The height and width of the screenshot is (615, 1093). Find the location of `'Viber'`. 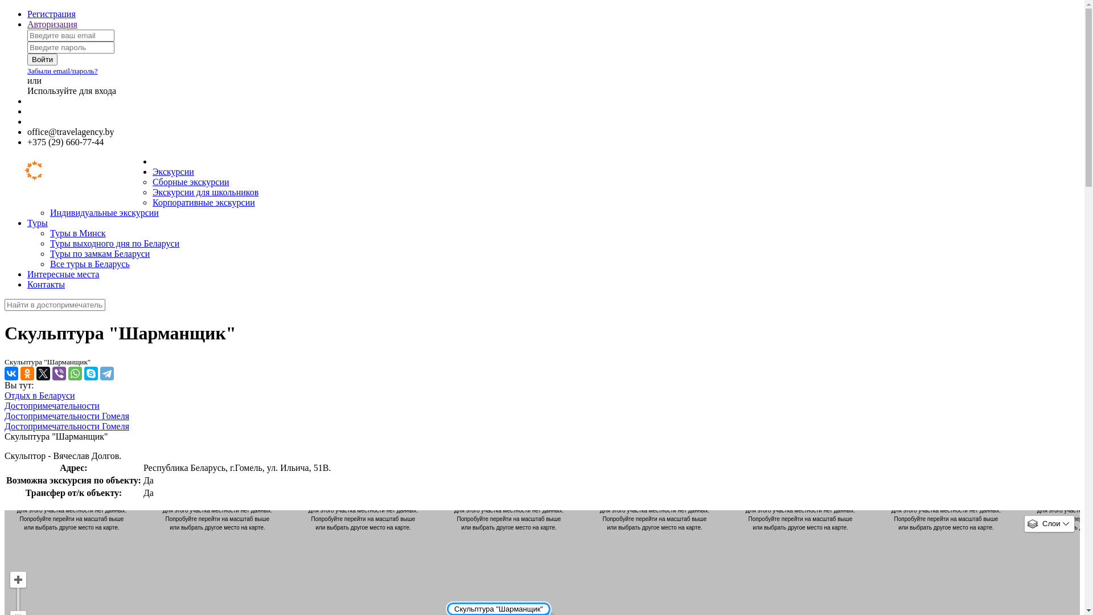

'Viber' is located at coordinates (59, 373).